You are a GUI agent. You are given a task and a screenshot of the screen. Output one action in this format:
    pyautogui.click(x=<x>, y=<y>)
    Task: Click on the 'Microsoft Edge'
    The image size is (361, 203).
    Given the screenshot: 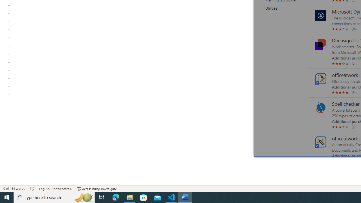 What is the action you would take?
    pyautogui.click(x=116, y=197)
    